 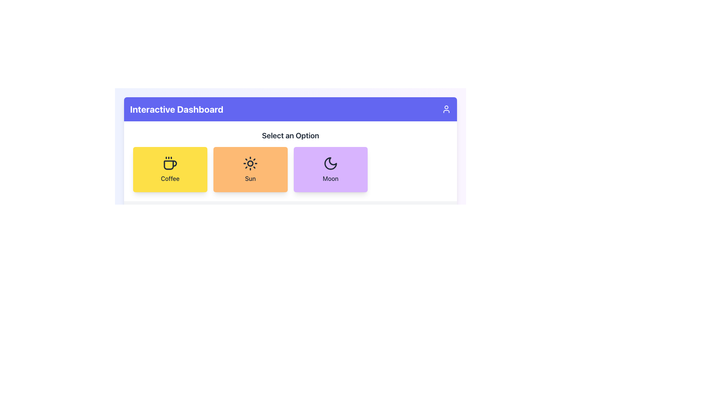 I want to click on the 'Moon' button, which is the third button from the left, featuring a lavender background and a crescent moon icon above the text label 'Moon', so click(x=330, y=170).